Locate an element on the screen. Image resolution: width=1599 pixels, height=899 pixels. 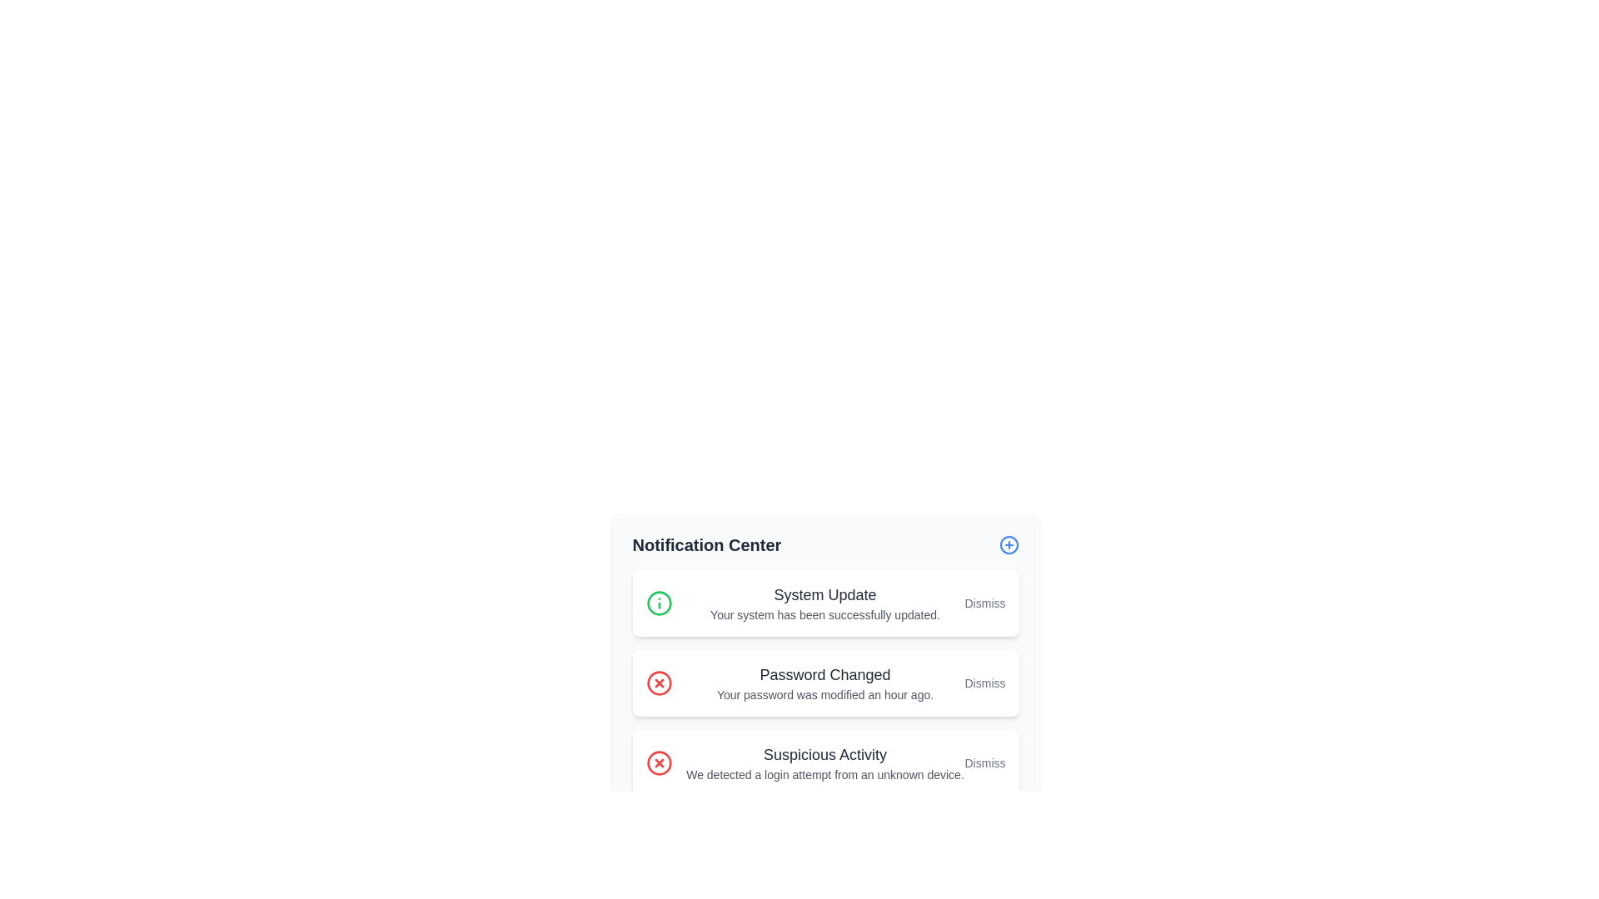
the Text label (title/header) of the second notification in the Notification Center, which provides a summary of the notification's subject, located above the description 'Your password was modified an hour ago.' and to the left of the 'Dismiss' button is located at coordinates (824, 674).